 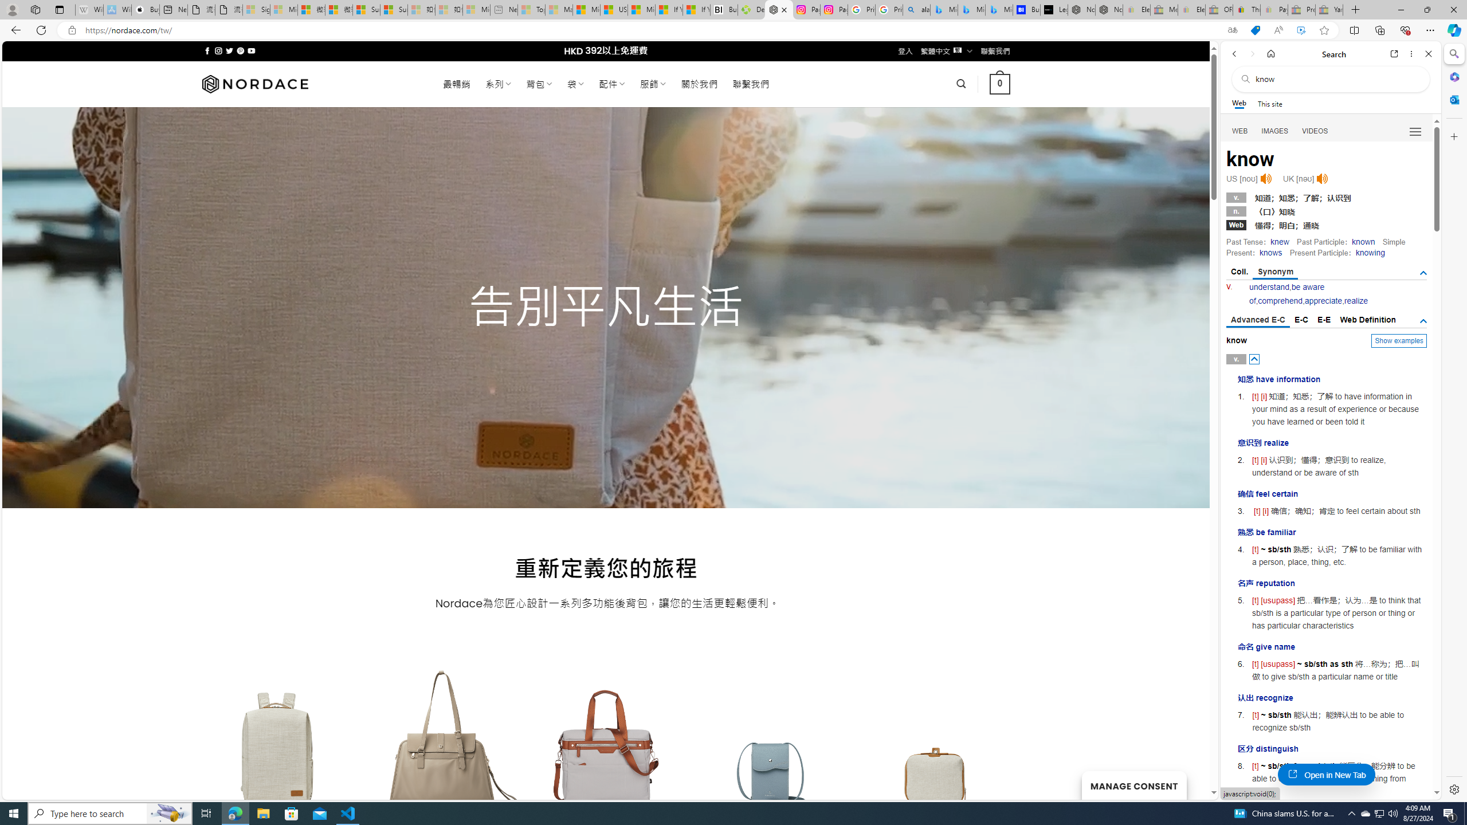 What do you see at coordinates (1275, 272) in the screenshot?
I see `'Synonym'` at bounding box center [1275, 272].